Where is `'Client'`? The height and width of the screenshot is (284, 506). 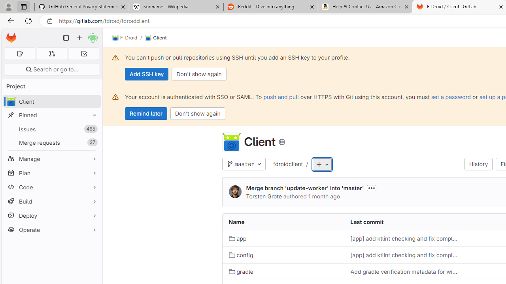
'Client' is located at coordinates (156, 38).